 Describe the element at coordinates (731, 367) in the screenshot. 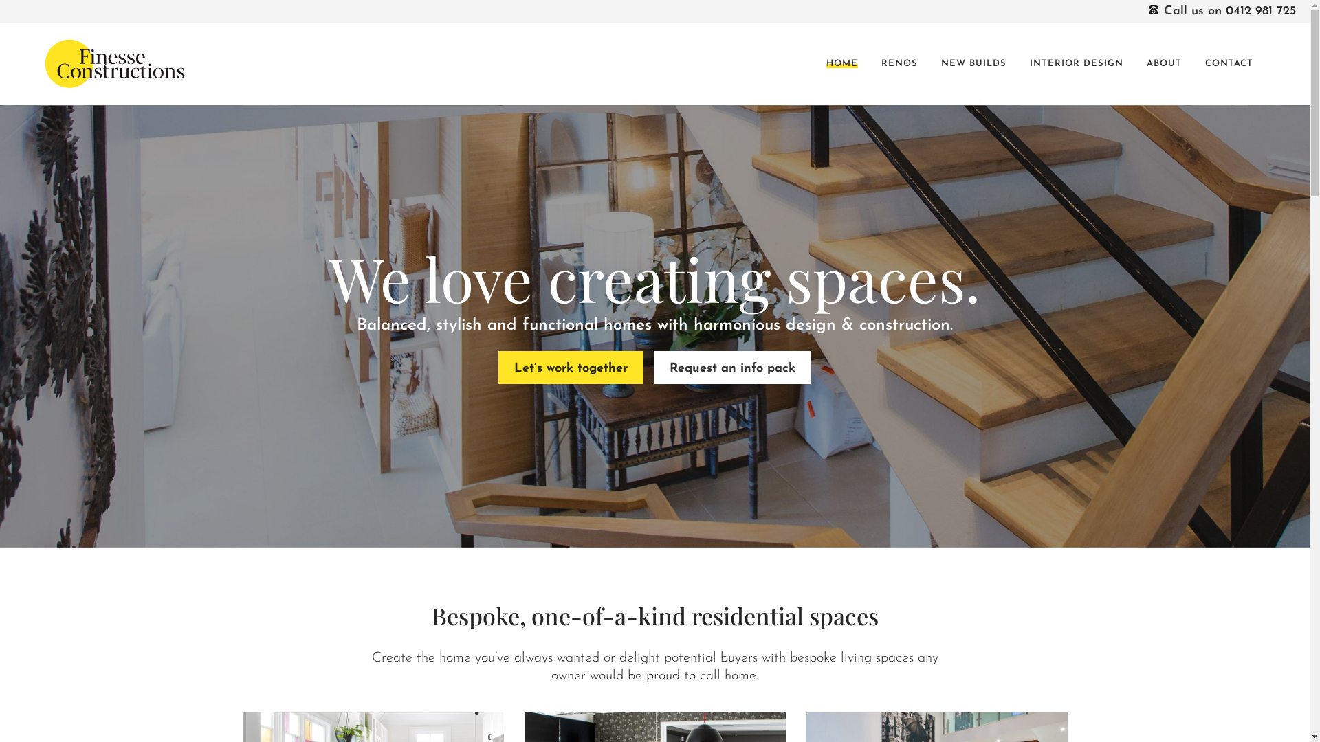

I see `'Request an info pack'` at that location.